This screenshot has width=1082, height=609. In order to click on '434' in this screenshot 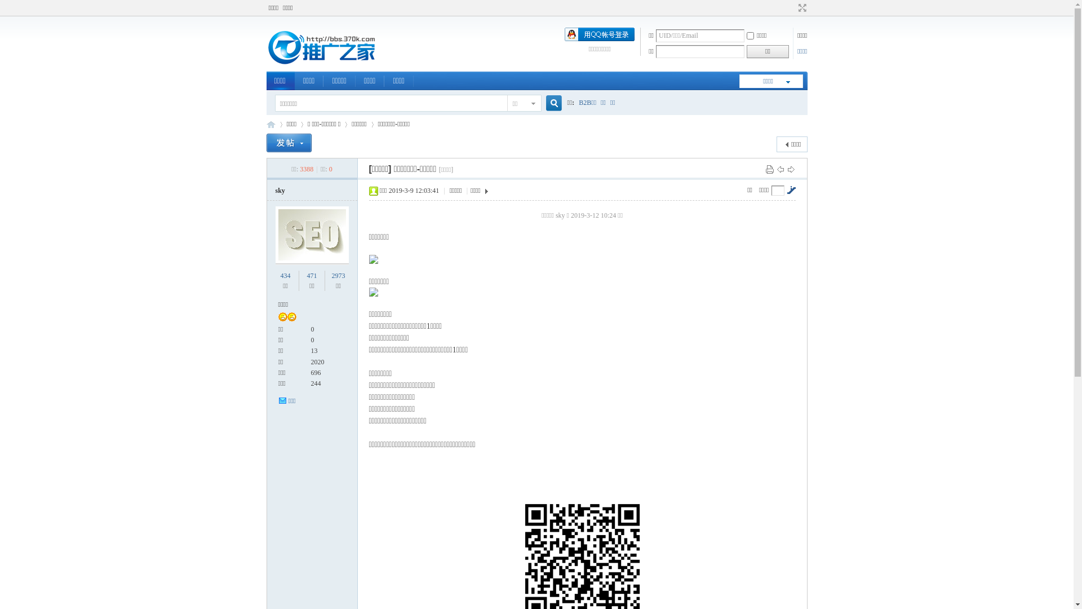, I will do `click(286, 276)`.